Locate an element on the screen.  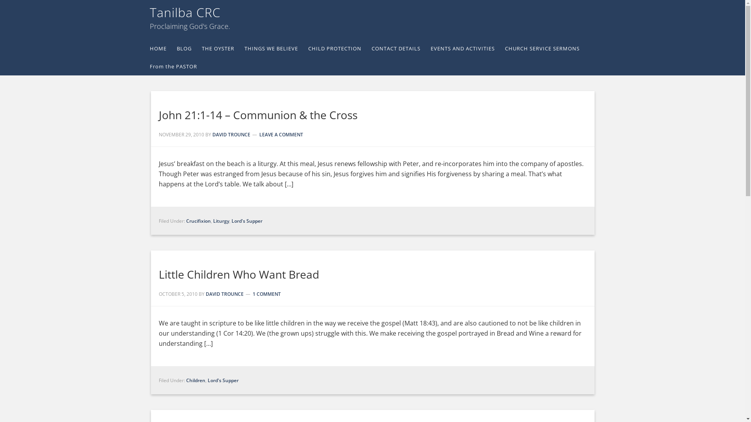
'Tanilba CRC' is located at coordinates (184, 12).